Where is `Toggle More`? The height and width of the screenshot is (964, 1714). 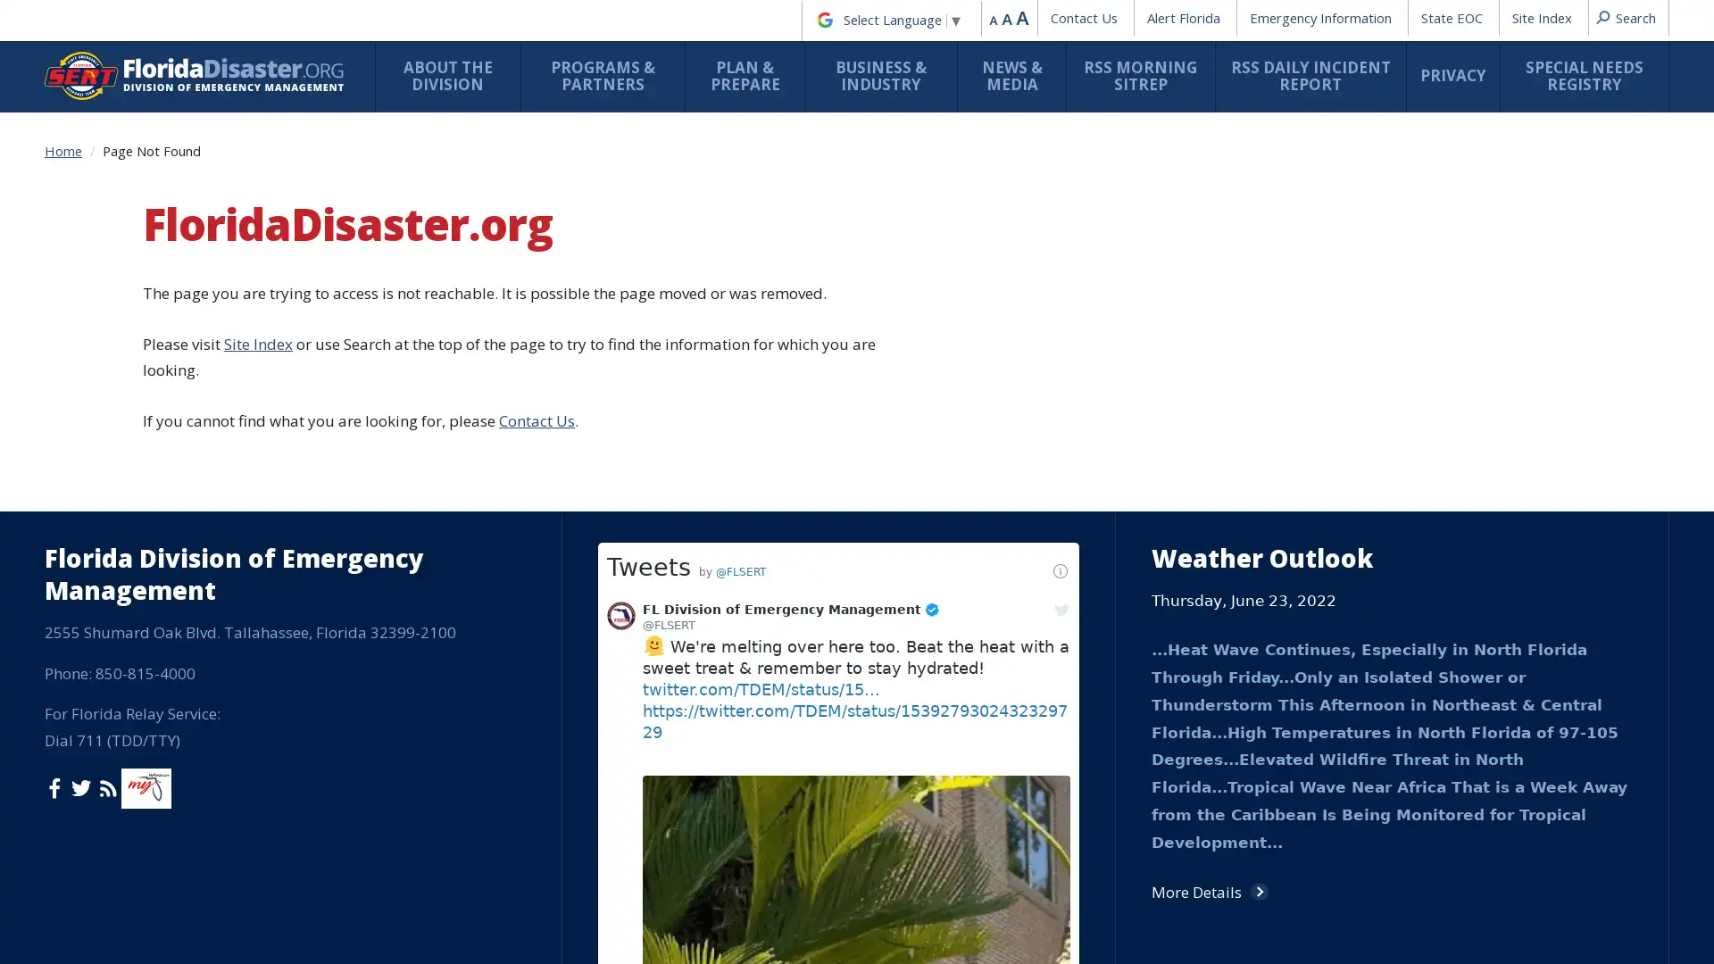
Toggle More is located at coordinates (715, 501).